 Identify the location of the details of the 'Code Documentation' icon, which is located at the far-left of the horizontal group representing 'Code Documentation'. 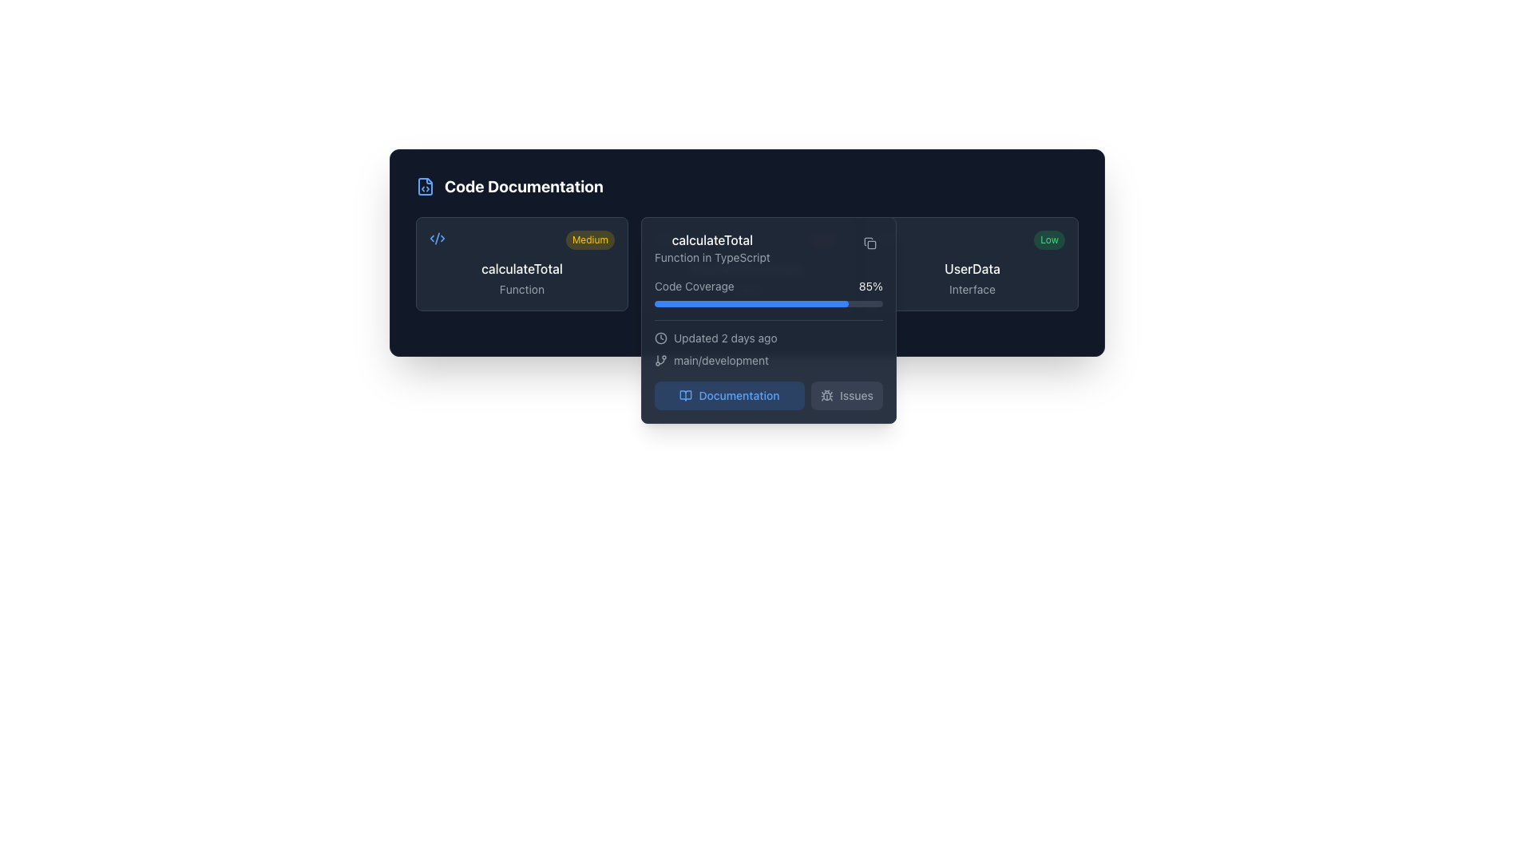
(425, 186).